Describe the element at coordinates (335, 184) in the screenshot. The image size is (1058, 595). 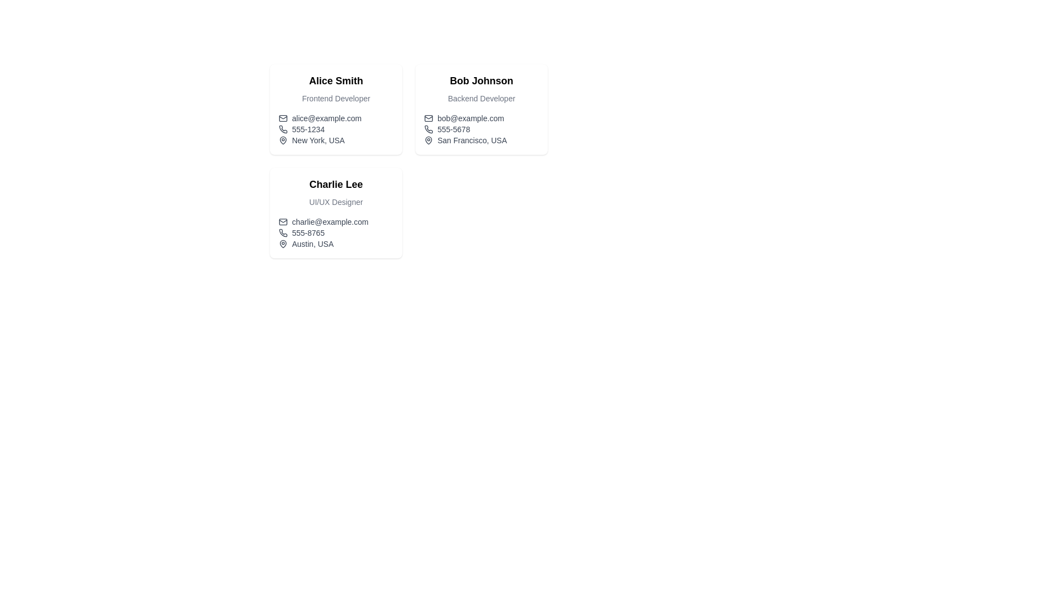
I see `the text label displaying 'Charlie Lee' which is styled prominently as a title and located in the middle card of the bottom row in the grid` at that location.